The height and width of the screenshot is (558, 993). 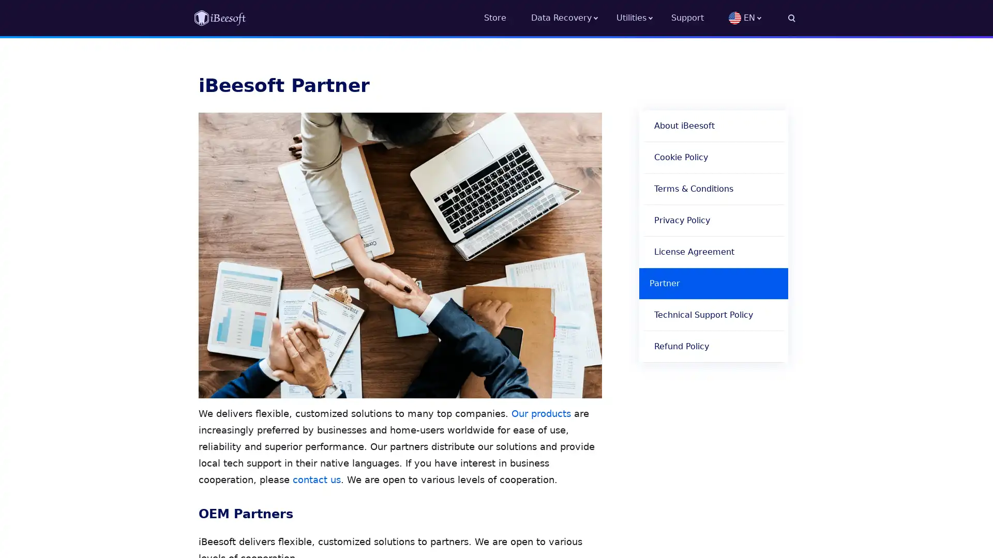 What do you see at coordinates (762, 18) in the screenshot?
I see `languages` at bounding box center [762, 18].